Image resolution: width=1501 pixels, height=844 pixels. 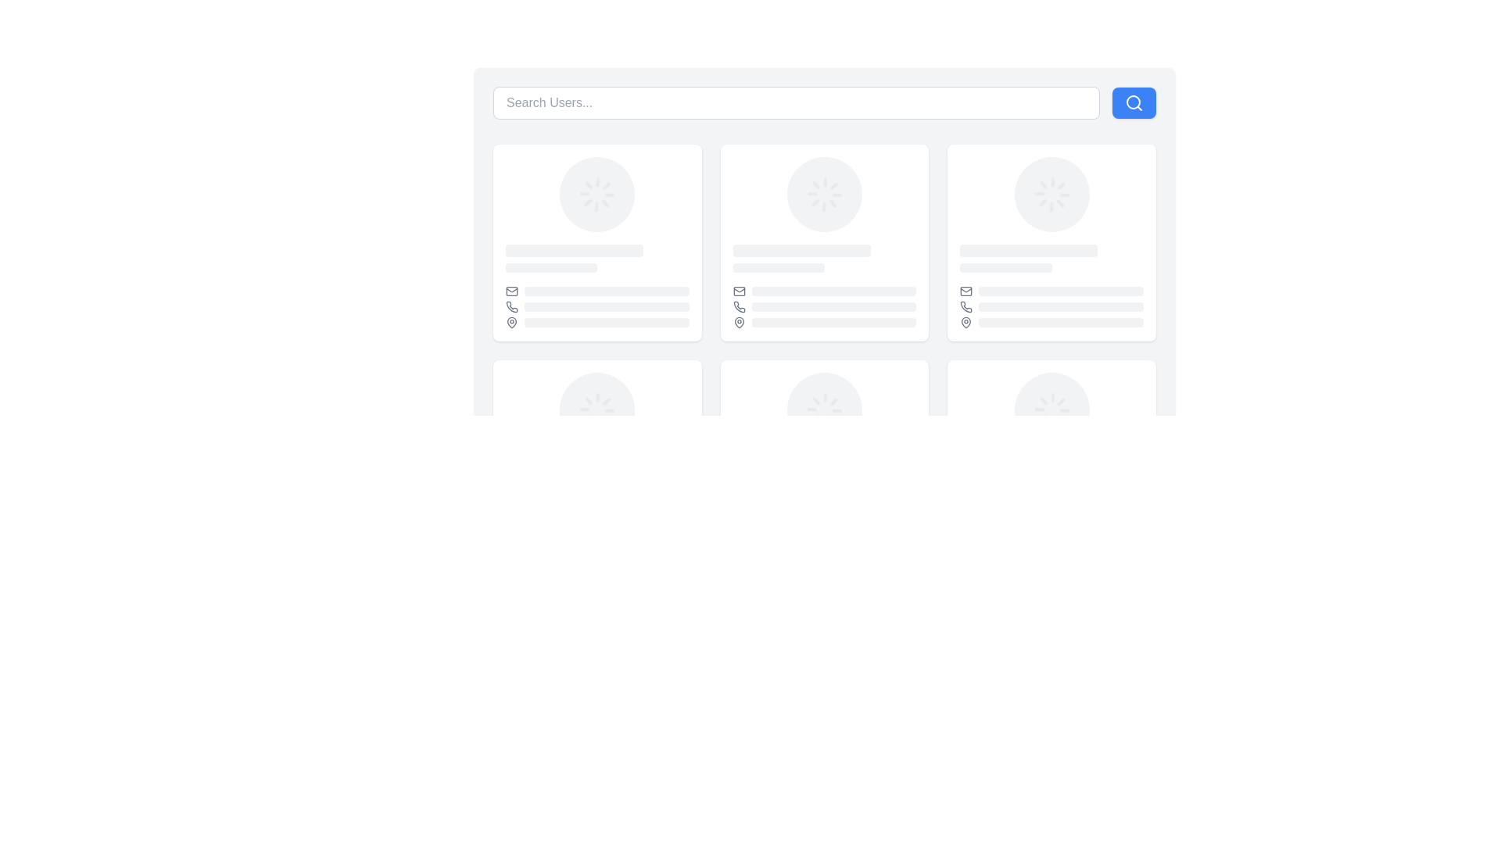 What do you see at coordinates (1051, 321) in the screenshot?
I see `third Placeholder element containing an icon and a loading bar visually by clicking on it` at bounding box center [1051, 321].